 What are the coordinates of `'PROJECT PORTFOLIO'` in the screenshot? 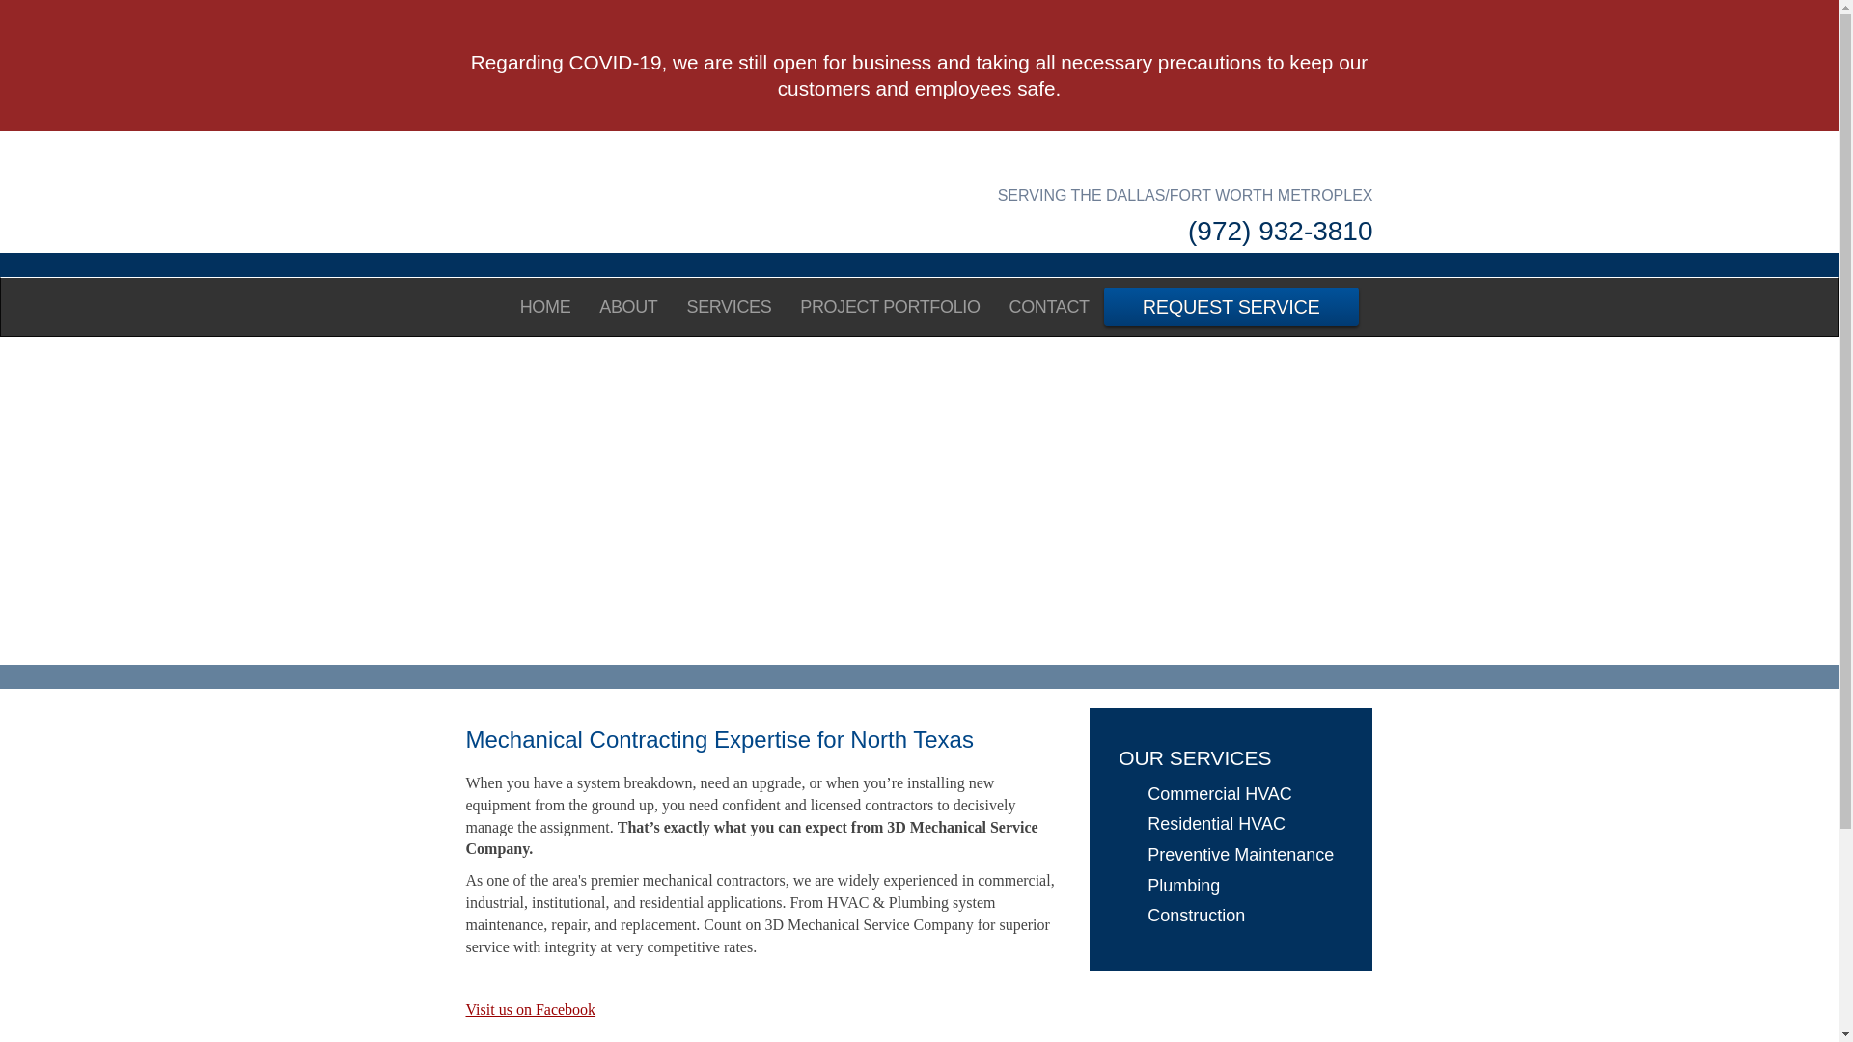 It's located at (888, 305).